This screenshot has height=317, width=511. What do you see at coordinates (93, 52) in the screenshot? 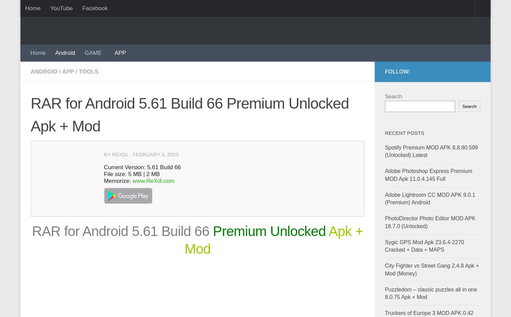
I see `'GAME'` at bounding box center [93, 52].